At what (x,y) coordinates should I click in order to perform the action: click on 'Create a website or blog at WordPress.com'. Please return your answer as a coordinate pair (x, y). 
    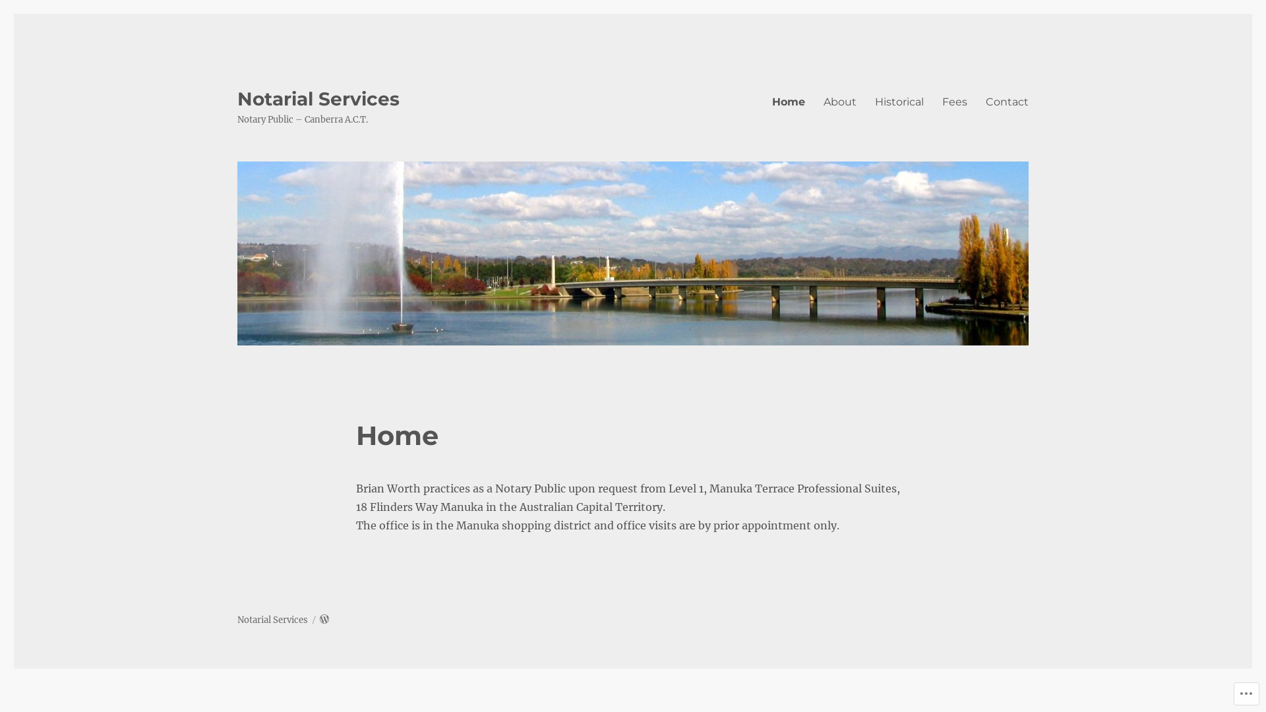
    Looking at the image, I should click on (324, 620).